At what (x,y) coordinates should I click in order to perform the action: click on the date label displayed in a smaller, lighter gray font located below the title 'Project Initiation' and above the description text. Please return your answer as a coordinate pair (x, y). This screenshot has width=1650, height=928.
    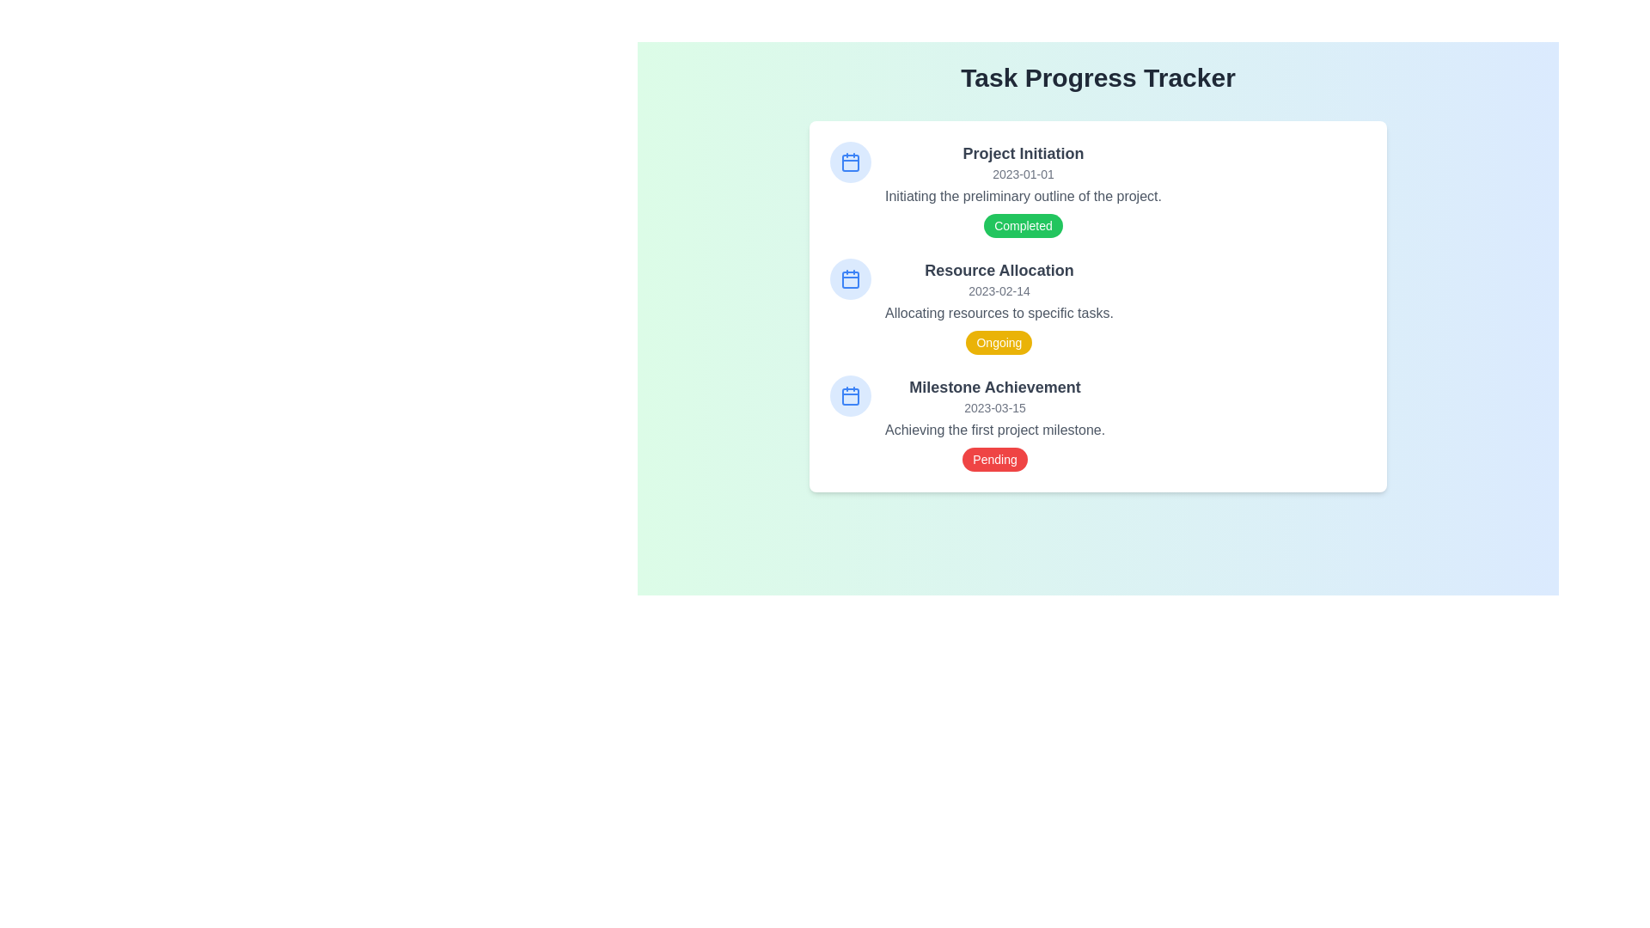
    Looking at the image, I should click on (1023, 174).